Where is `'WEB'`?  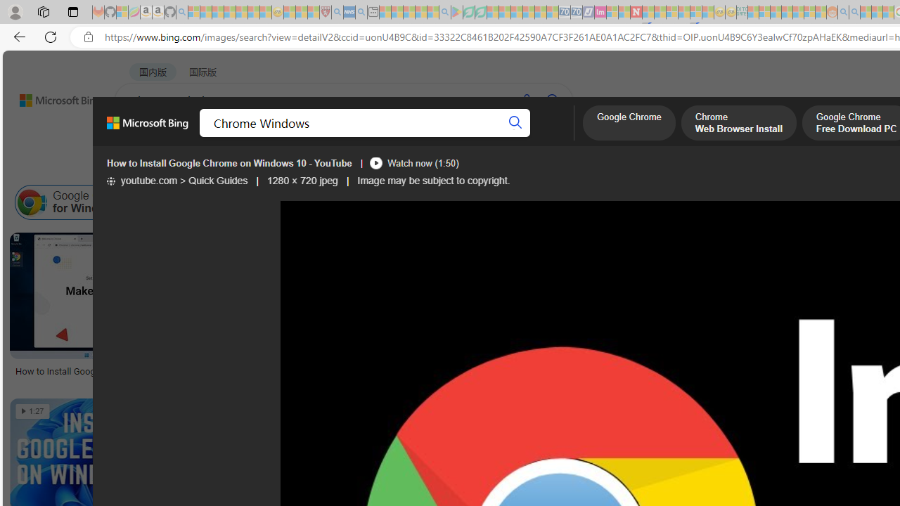 'WEB' is located at coordinates (141, 137).